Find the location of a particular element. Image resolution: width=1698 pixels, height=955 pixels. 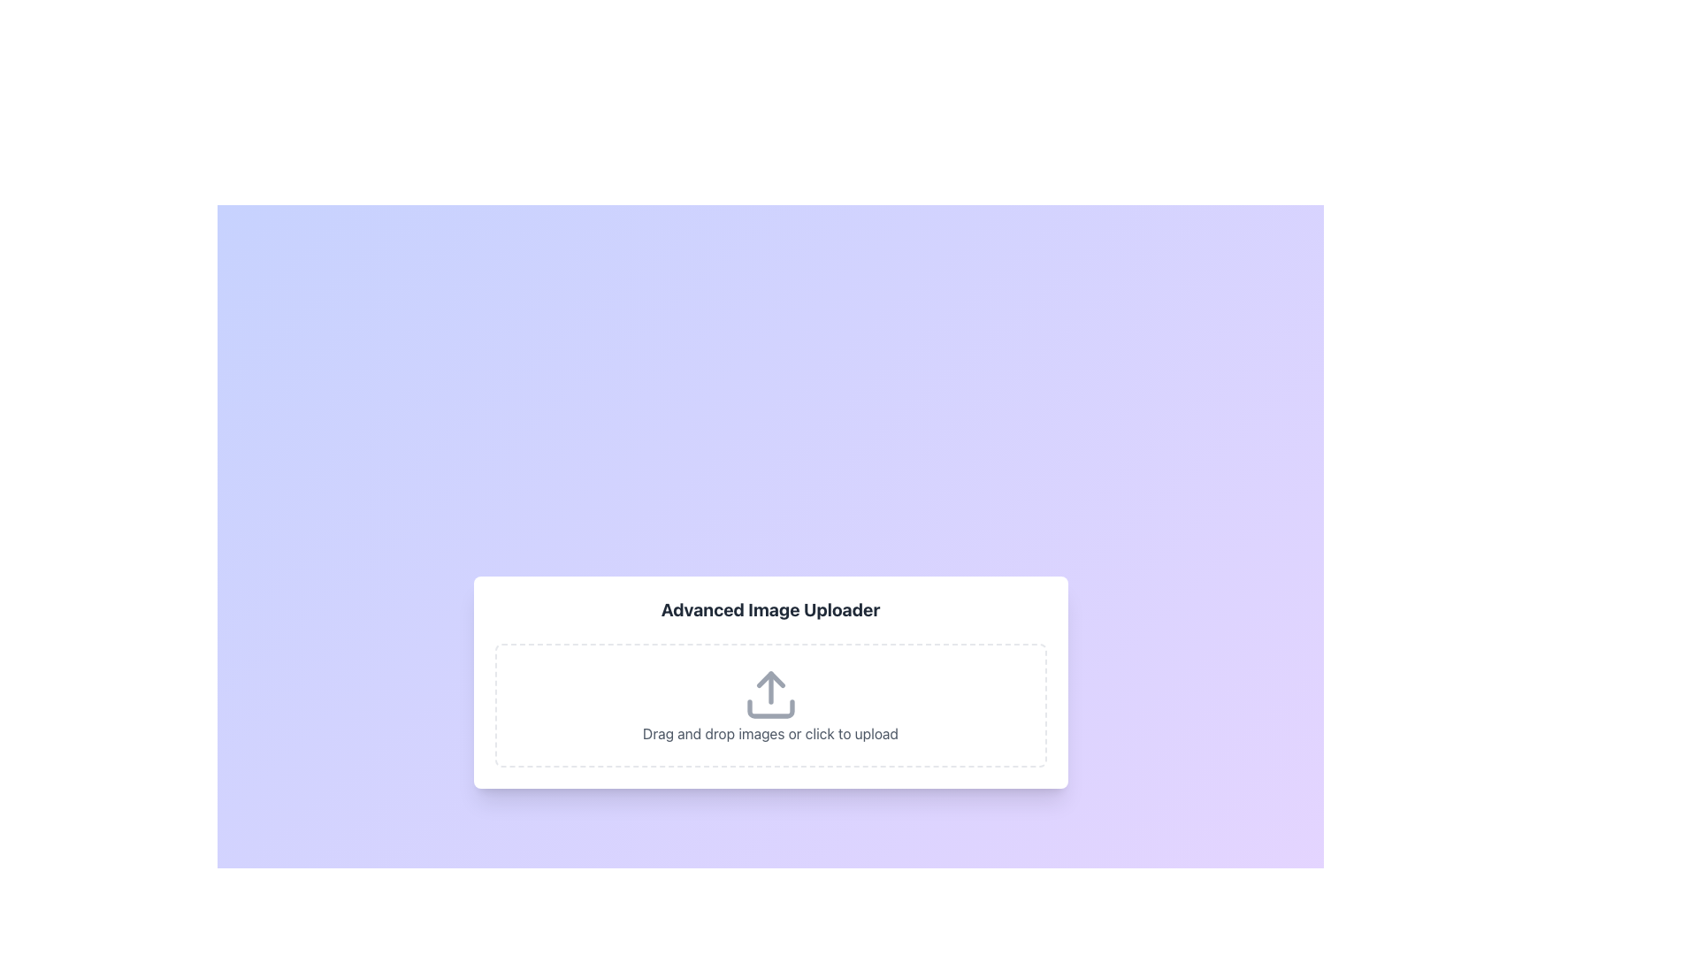

the Decorative element within the SVG icon, which is located at the bottom and resembles a base or tray is located at coordinates (770, 708).